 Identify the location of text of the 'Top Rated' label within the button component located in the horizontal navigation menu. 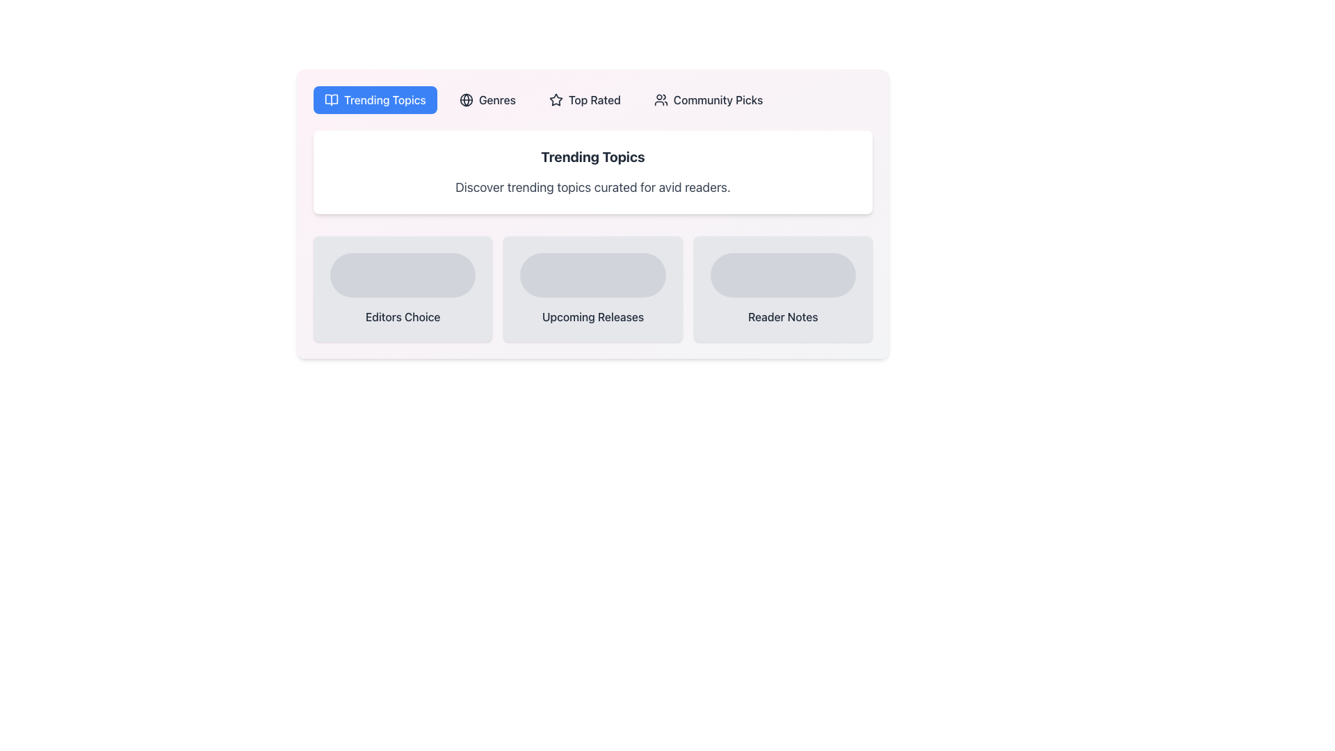
(594, 99).